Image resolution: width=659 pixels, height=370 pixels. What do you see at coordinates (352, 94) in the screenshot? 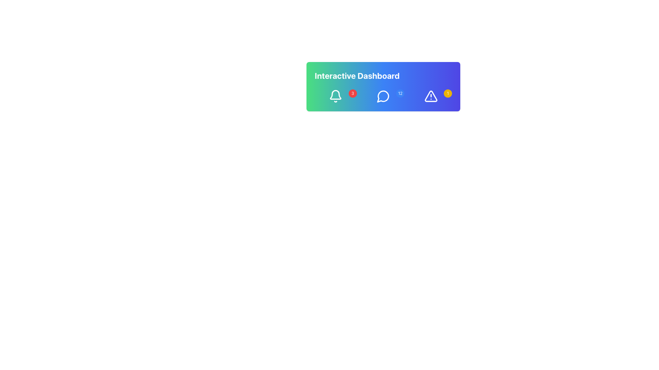
I see `the notification badge positioned in the top-right corner of the bell icon` at bounding box center [352, 94].